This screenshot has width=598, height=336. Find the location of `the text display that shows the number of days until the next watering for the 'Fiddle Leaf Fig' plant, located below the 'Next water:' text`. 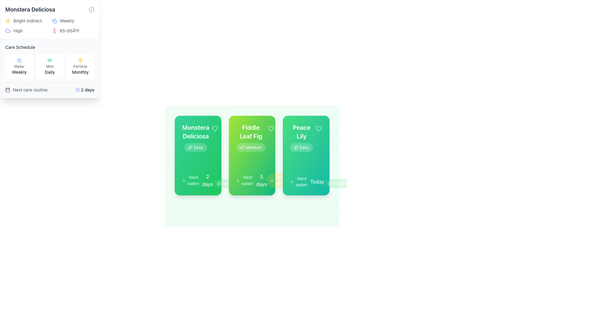

the text display that shows the number of days until the next watering for the 'Fiddle Leaf Fig' plant, located below the 'Next water:' text is located at coordinates (262, 180).